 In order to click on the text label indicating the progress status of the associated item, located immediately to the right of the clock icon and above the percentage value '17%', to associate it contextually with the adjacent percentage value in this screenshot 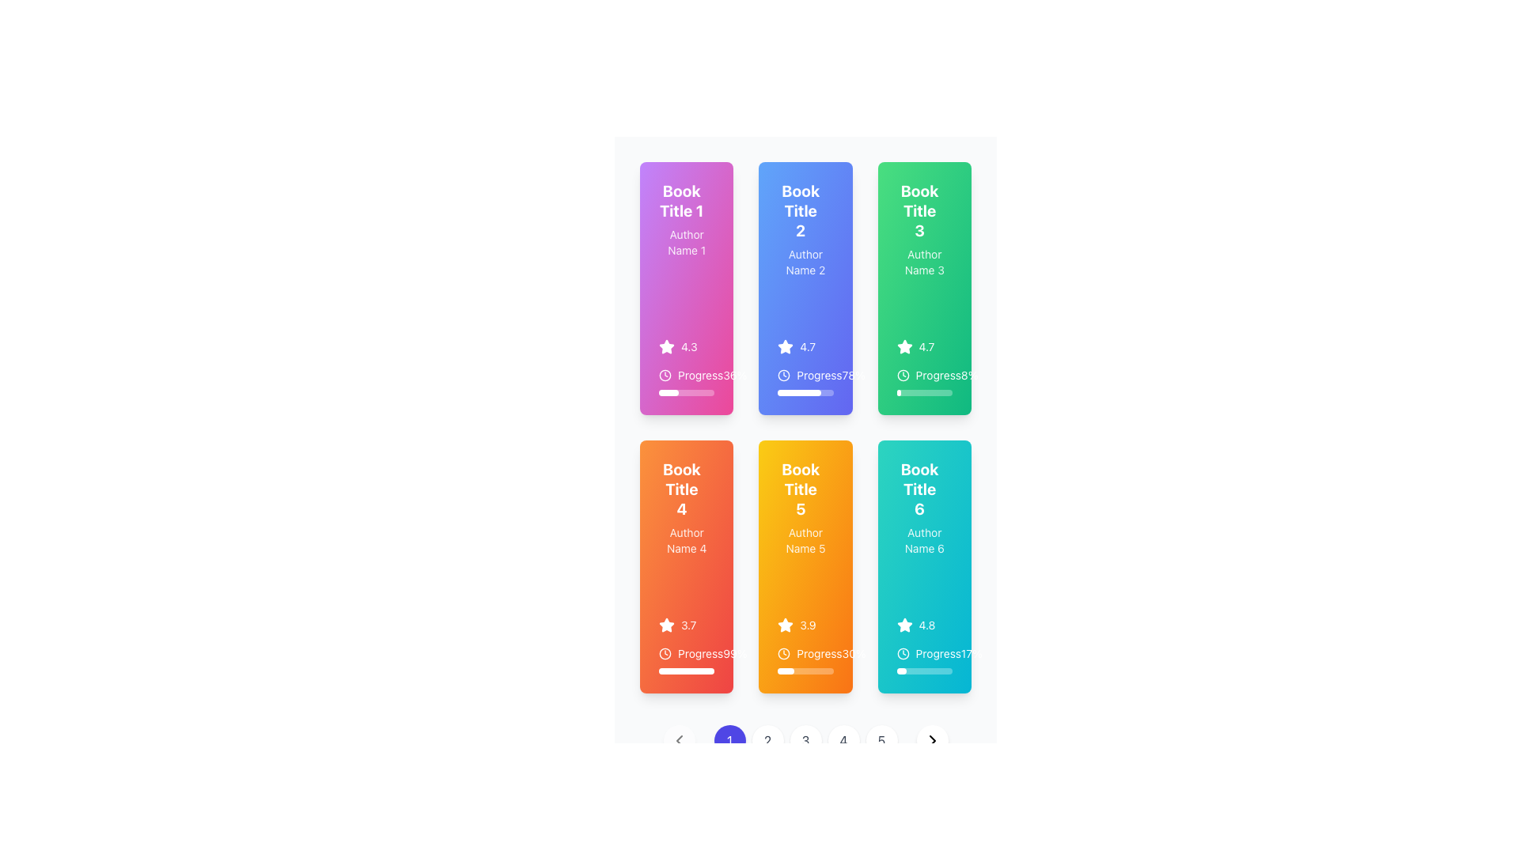, I will do `click(929, 653)`.